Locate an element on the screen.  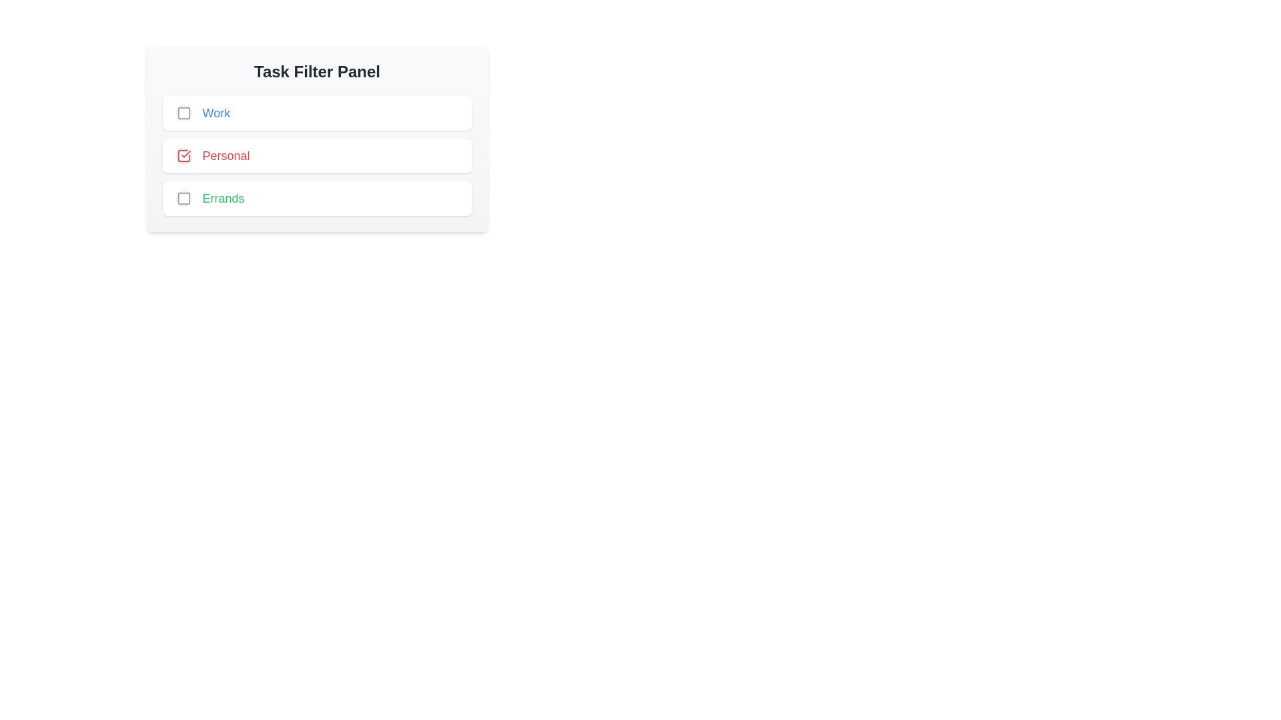
the checkbox labeled 'Errands' is located at coordinates (316, 198).